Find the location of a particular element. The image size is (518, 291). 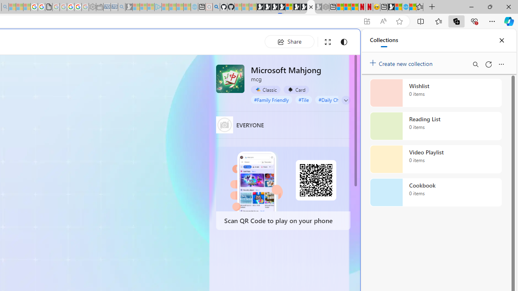

'#Daily Challenge' is located at coordinates (337, 99).